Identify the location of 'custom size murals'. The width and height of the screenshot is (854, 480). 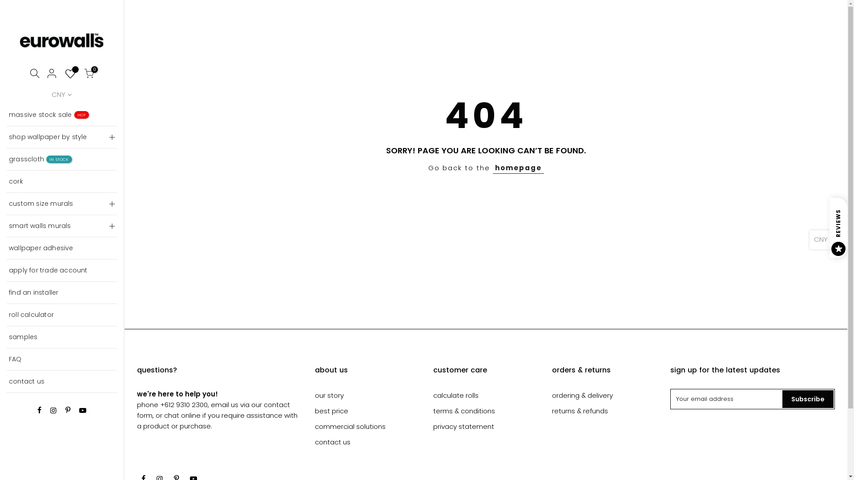
(61, 204).